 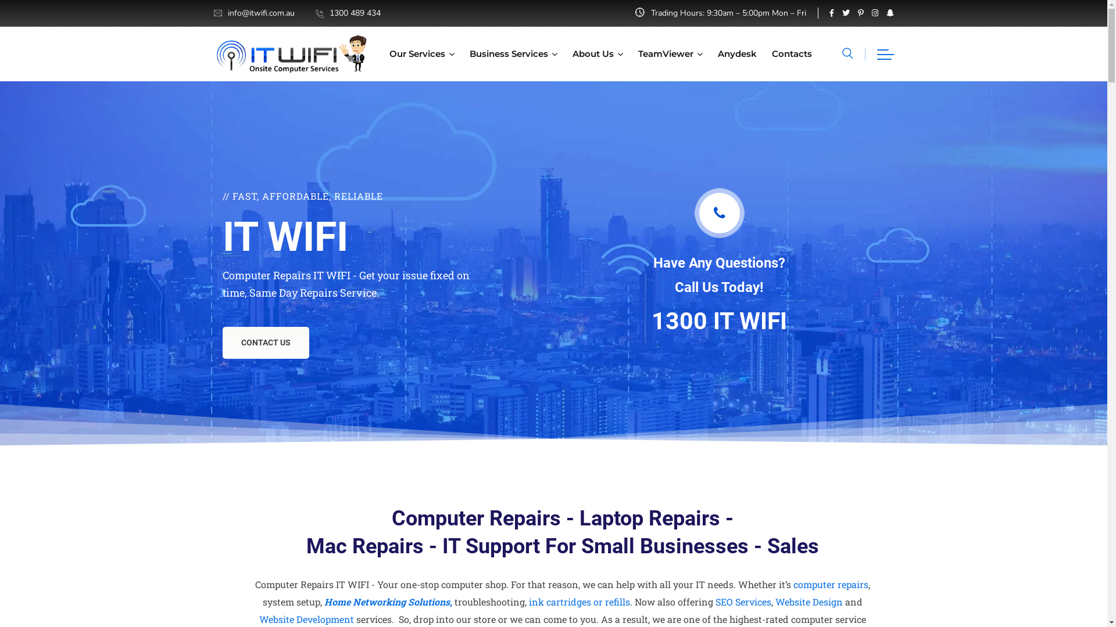 What do you see at coordinates (421, 53) in the screenshot?
I see `'Our Services'` at bounding box center [421, 53].